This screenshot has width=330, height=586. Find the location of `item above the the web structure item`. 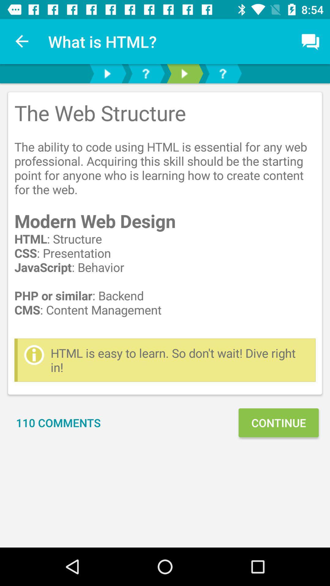

item above the the web structure item is located at coordinates (311, 41).